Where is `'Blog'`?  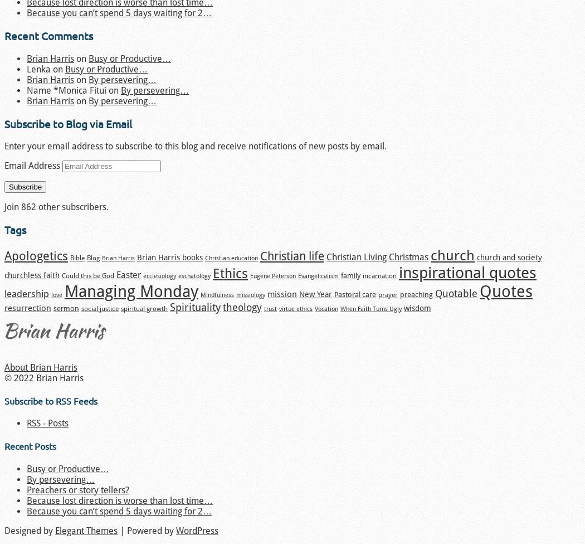 'Blog' is located at coordinates (93, 257).